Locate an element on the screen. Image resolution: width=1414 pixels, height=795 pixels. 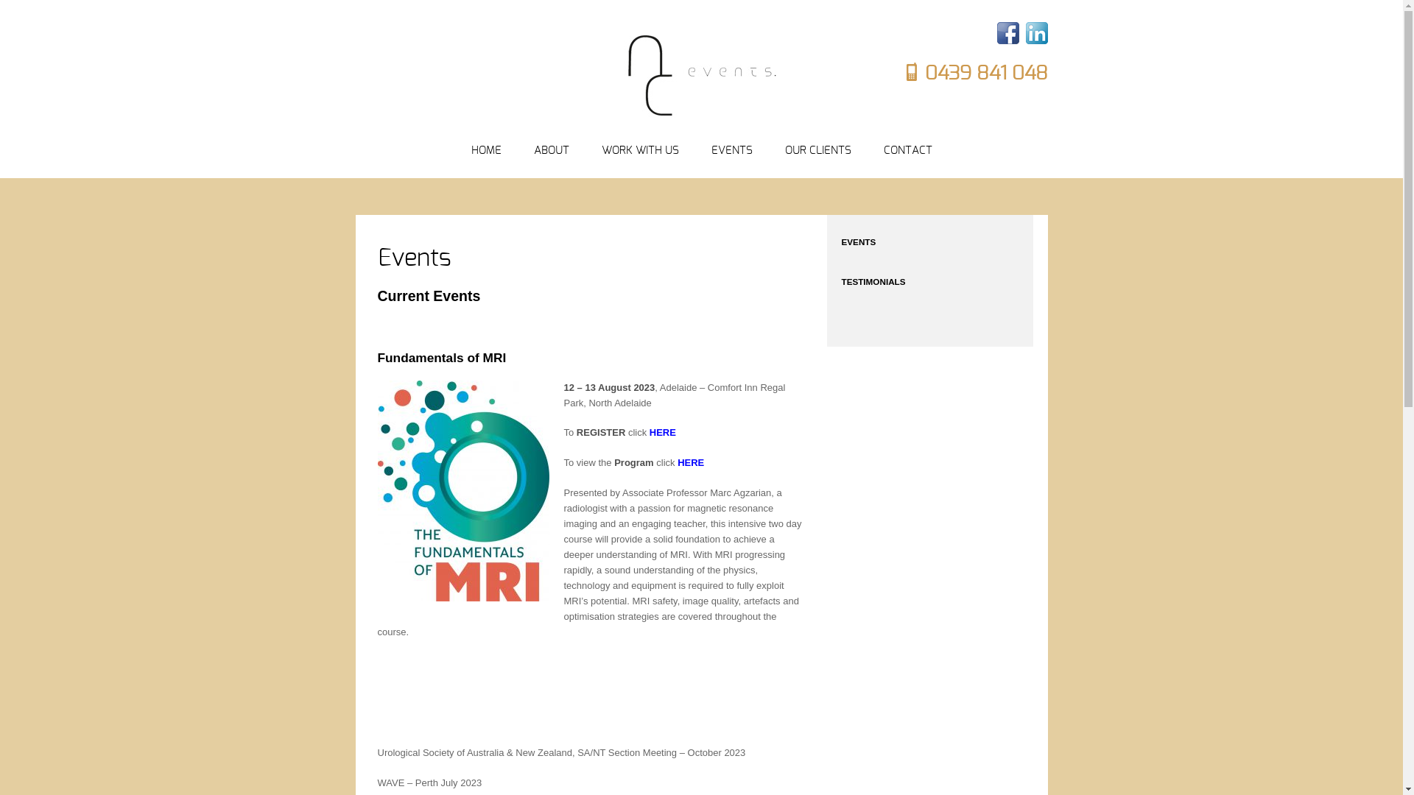
'HOME' is located at coordinates (470, 151).